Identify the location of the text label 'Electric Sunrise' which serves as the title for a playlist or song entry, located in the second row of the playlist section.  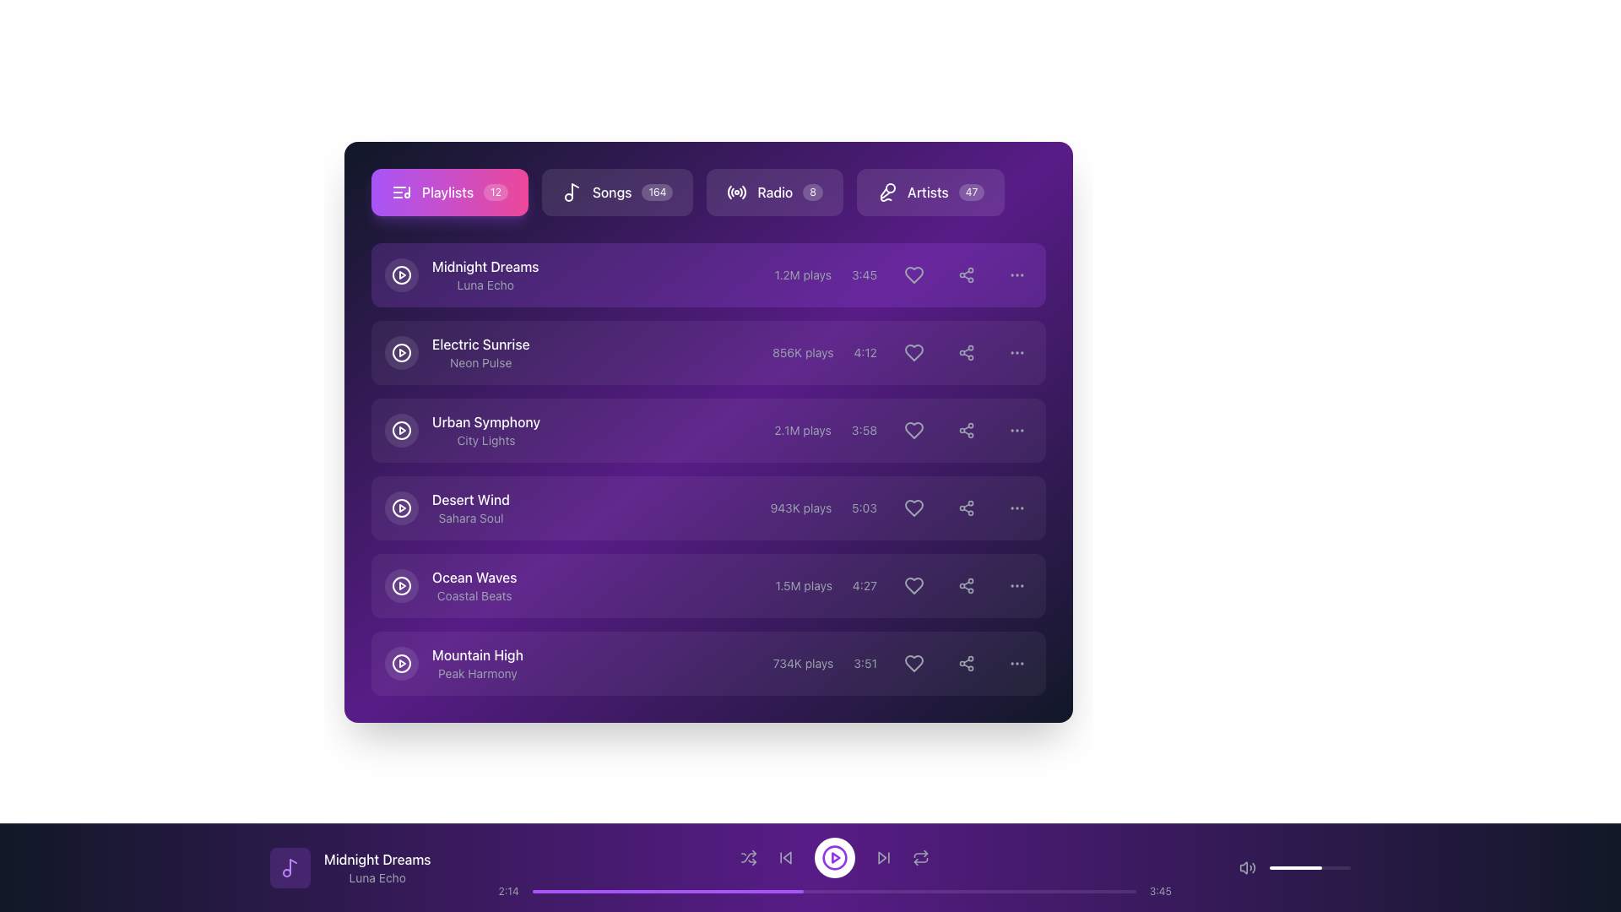
(480, 344).